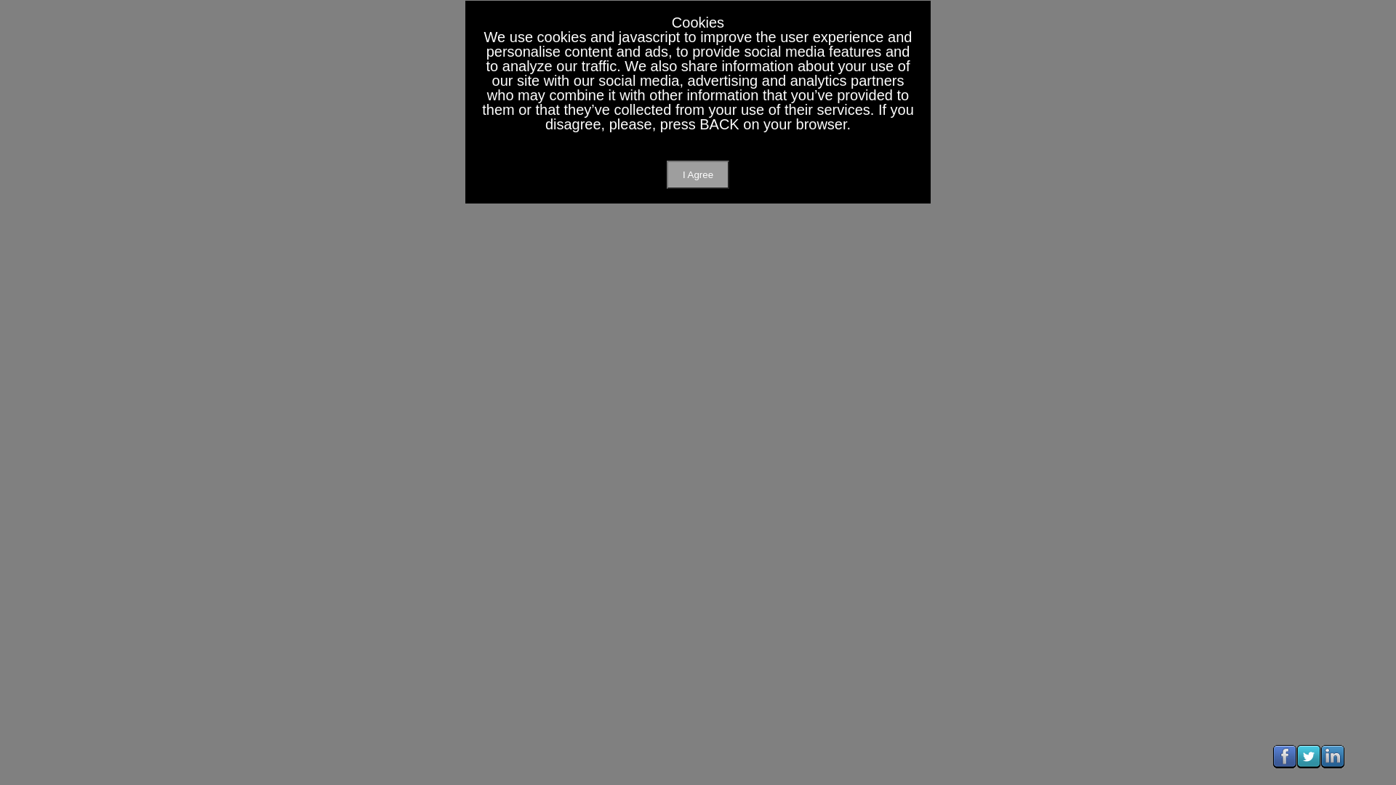  I want to click on 'Visit Us On Linkedin', so click(1332, 763).